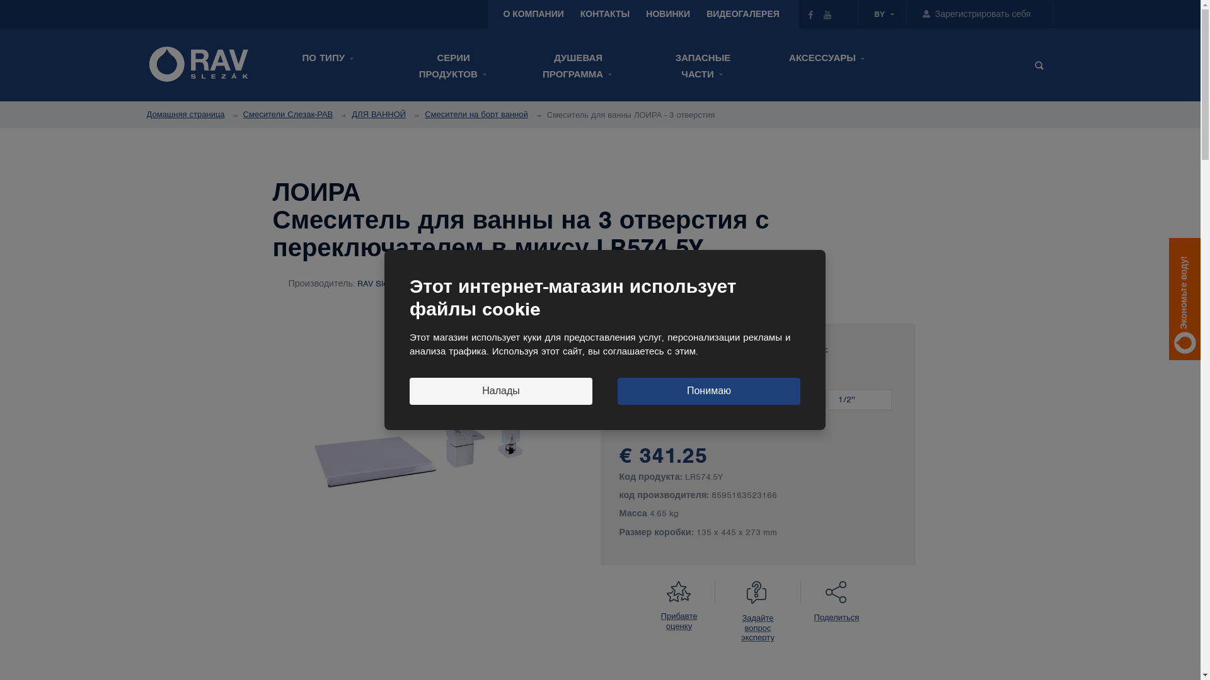 Image resolution: width=1210 pixels, height=680 pixels. Describe the element at coordinates (873, 14) in the screenshot. I see `'BY'` at that location.